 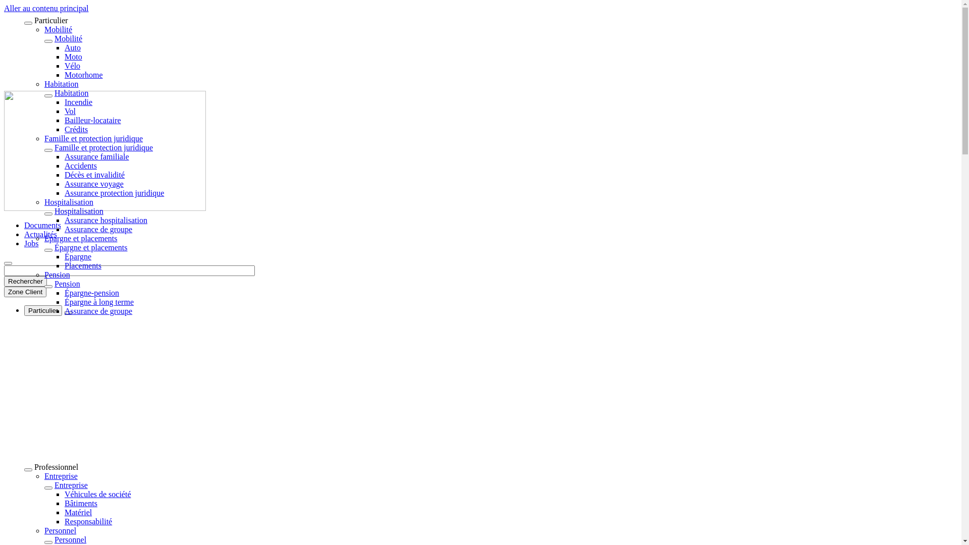 I want to click on 'Bailleur-locataire', so click(x=92, y=120).